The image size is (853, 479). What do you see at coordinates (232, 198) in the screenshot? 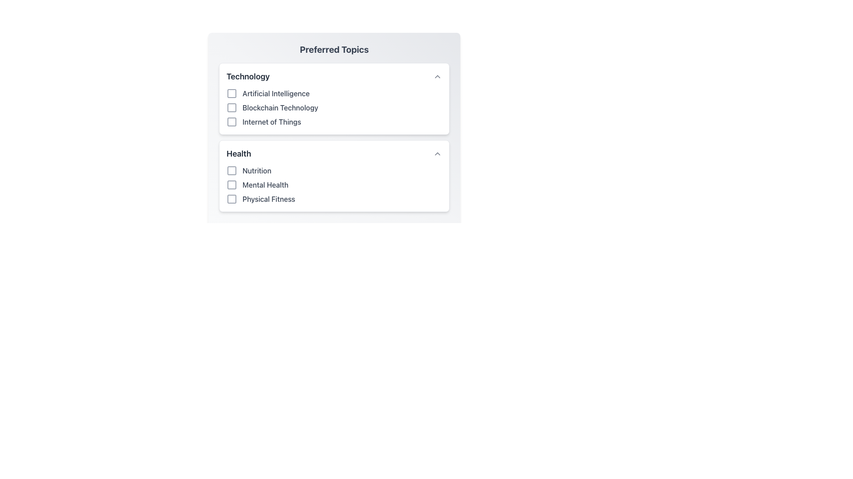
I see `the checkbox for 'Physical Fitness'` at bounding box center [232, 198].